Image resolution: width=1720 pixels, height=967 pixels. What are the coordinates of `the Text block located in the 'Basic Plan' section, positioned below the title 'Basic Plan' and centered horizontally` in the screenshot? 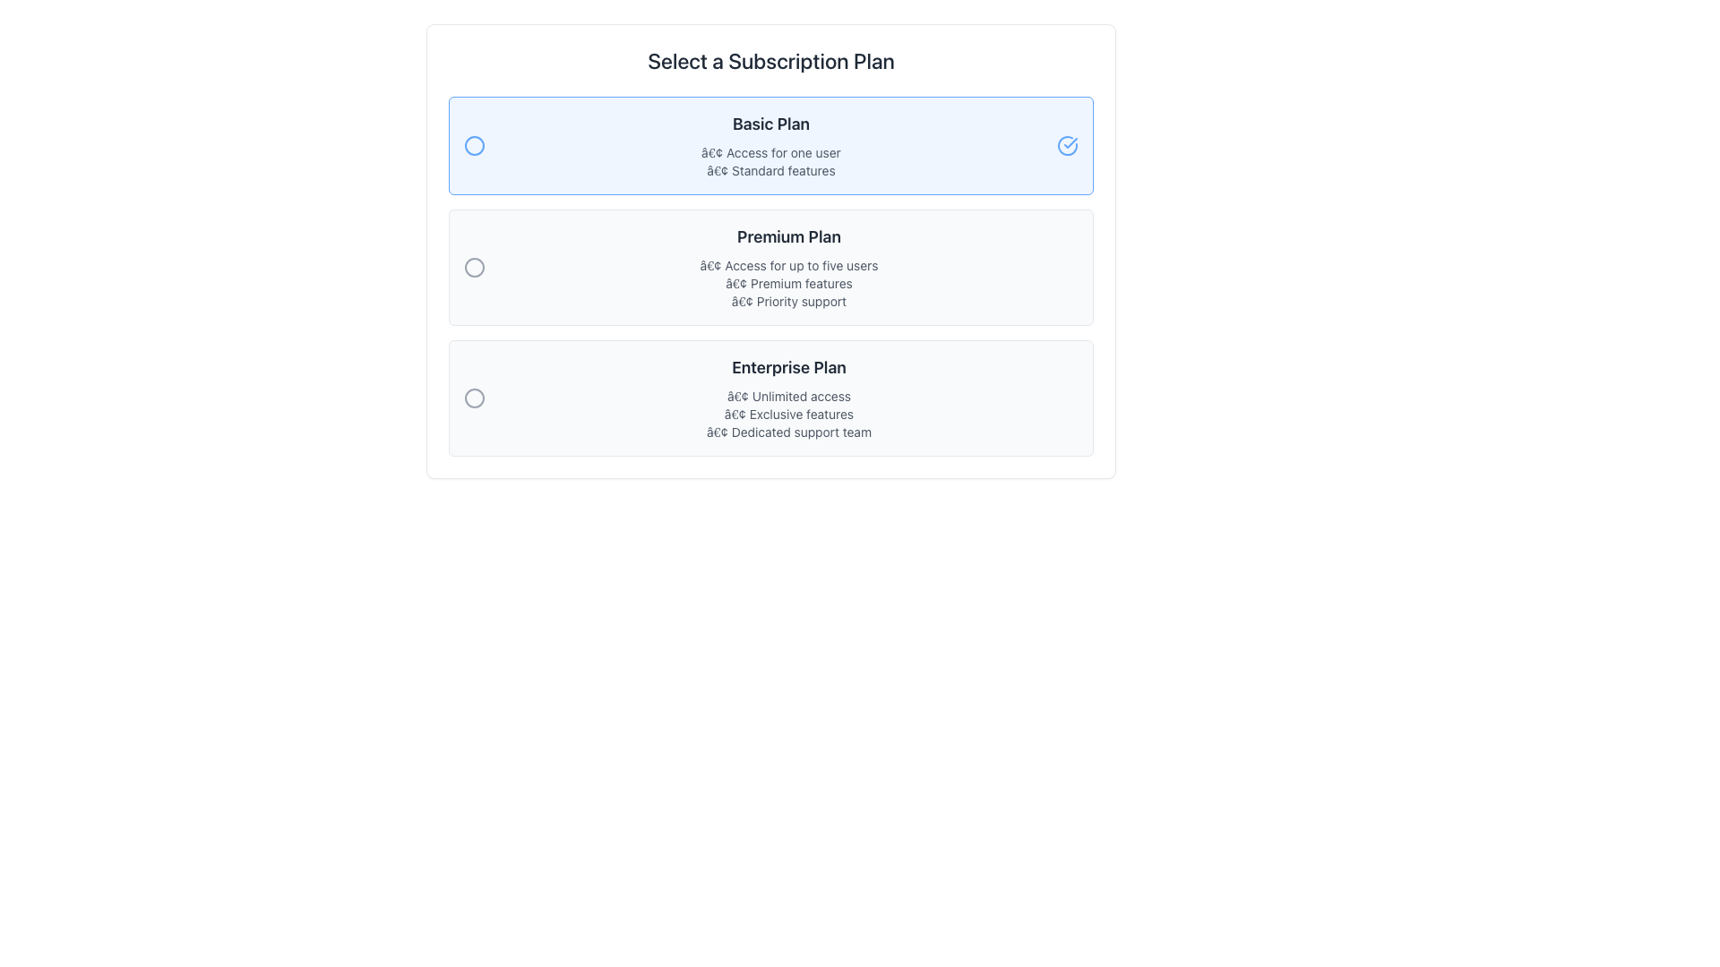 It's located at (770, 162).